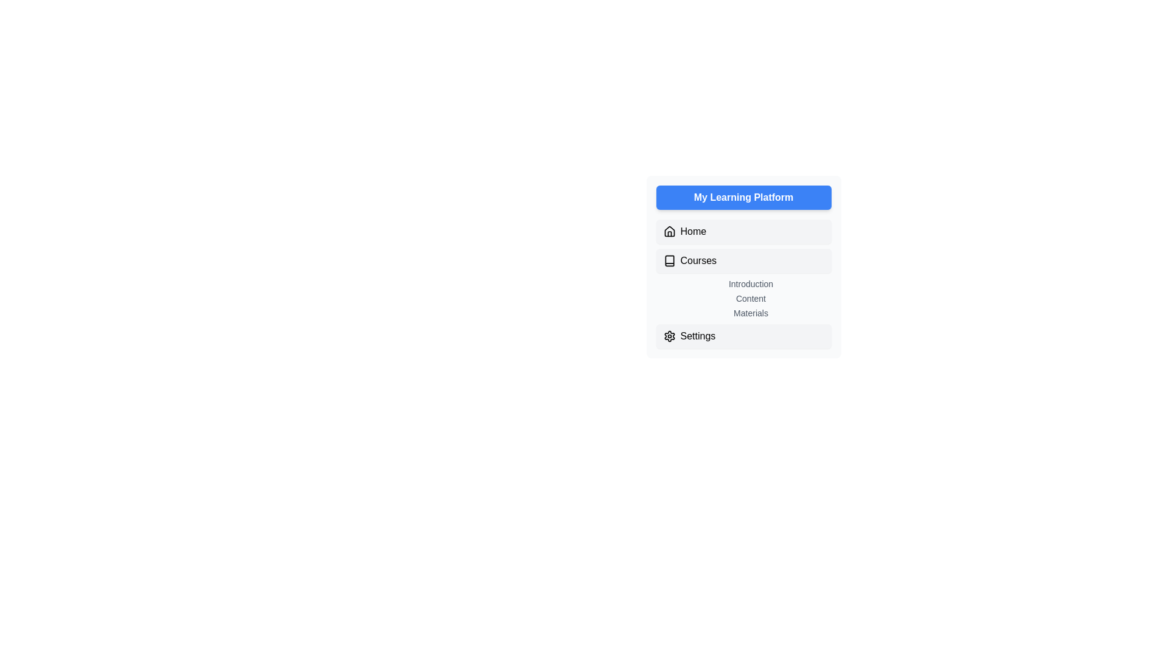 The image size is (1168, 657). Describe the element at coordinates (669, 336) in the screenshot. I see `the cogwheel icon, which represents the settings gear and is located above the text 'Settings' in the navigation list` at that location.